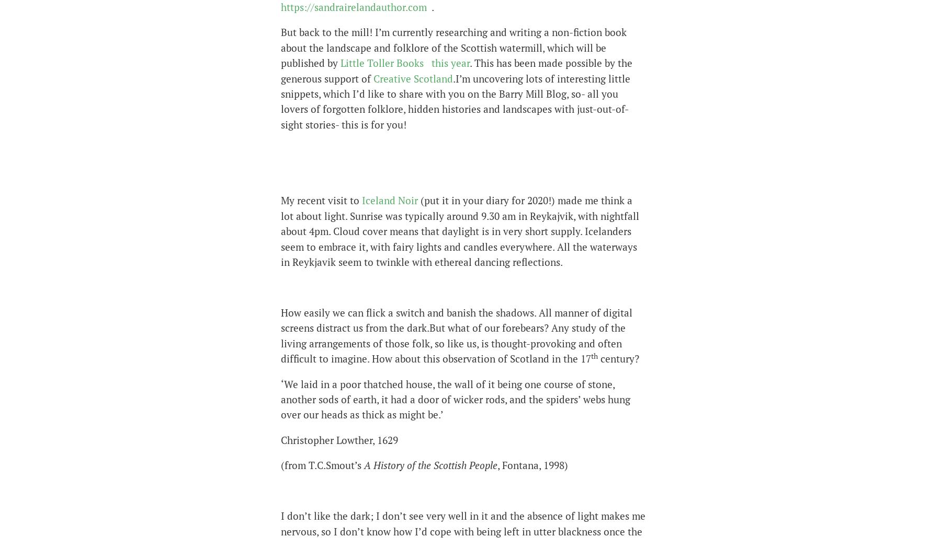  What do you see at coordinates (454, 46) in the screenshot?
I see `'But back to the mill! I’m currently researching and writing a non-fiction book about the landscape and folklore of the Scottish watermill, which will be published by'` at bounding box center [454, 46].